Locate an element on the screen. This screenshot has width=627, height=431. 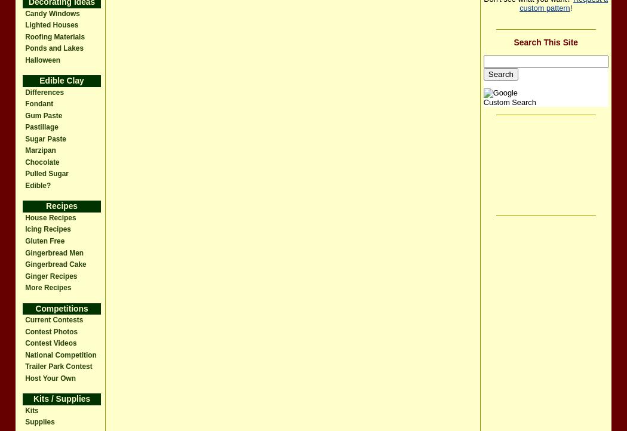
'Edible?' is located at coordinates (24, 184).